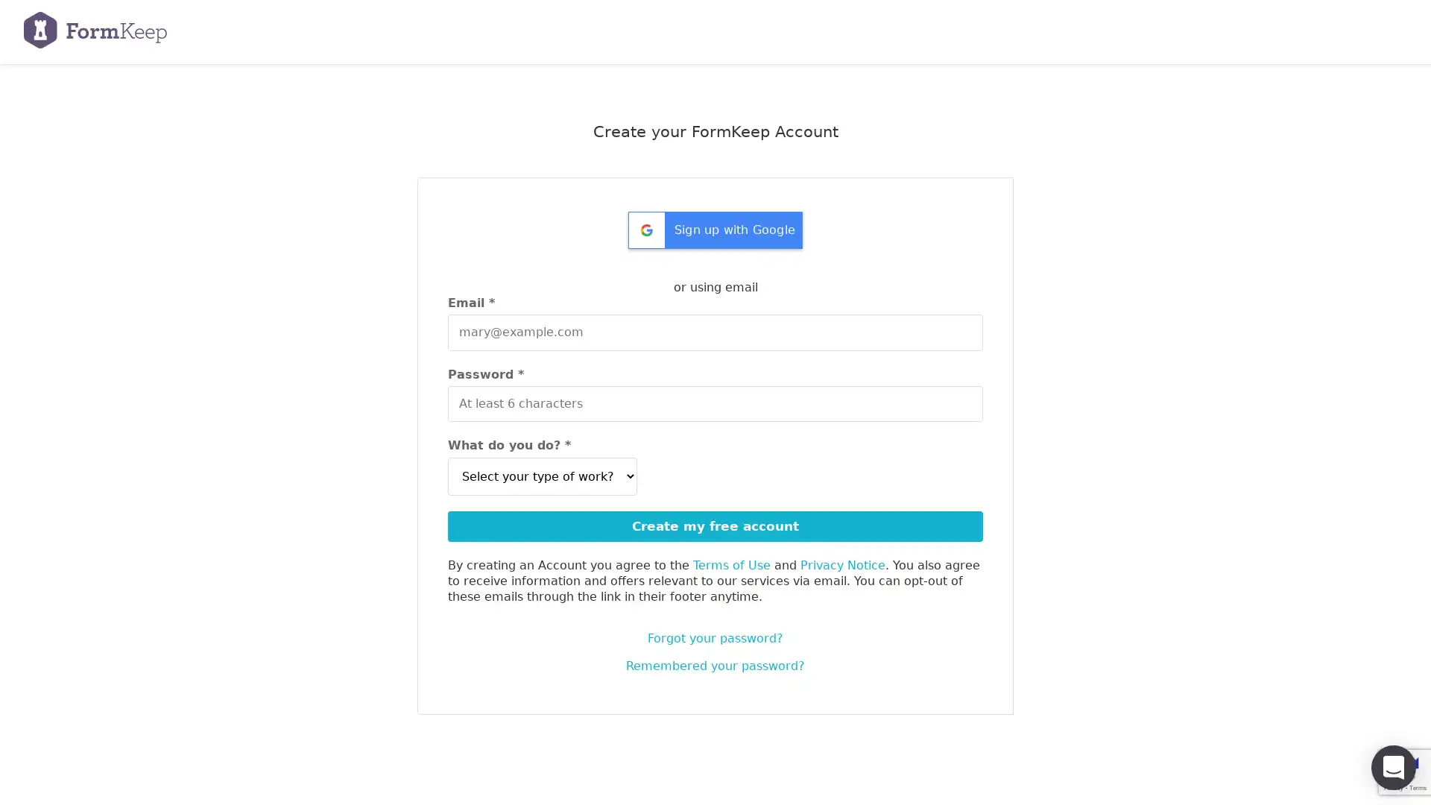 This screenshot has height=805, width=1431. What do you see at coordinates (1393, 767) in the screenshot?
I see `Open Intercom Messenger` at bounding box center [1393, 767].